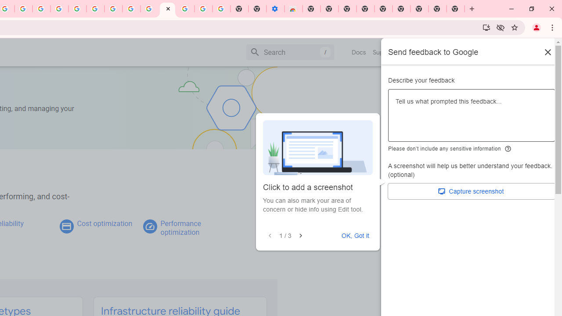 Image resolution: width=562 pixels, height=316 pixels. I want to click on 'Docs', so click(359, 52).